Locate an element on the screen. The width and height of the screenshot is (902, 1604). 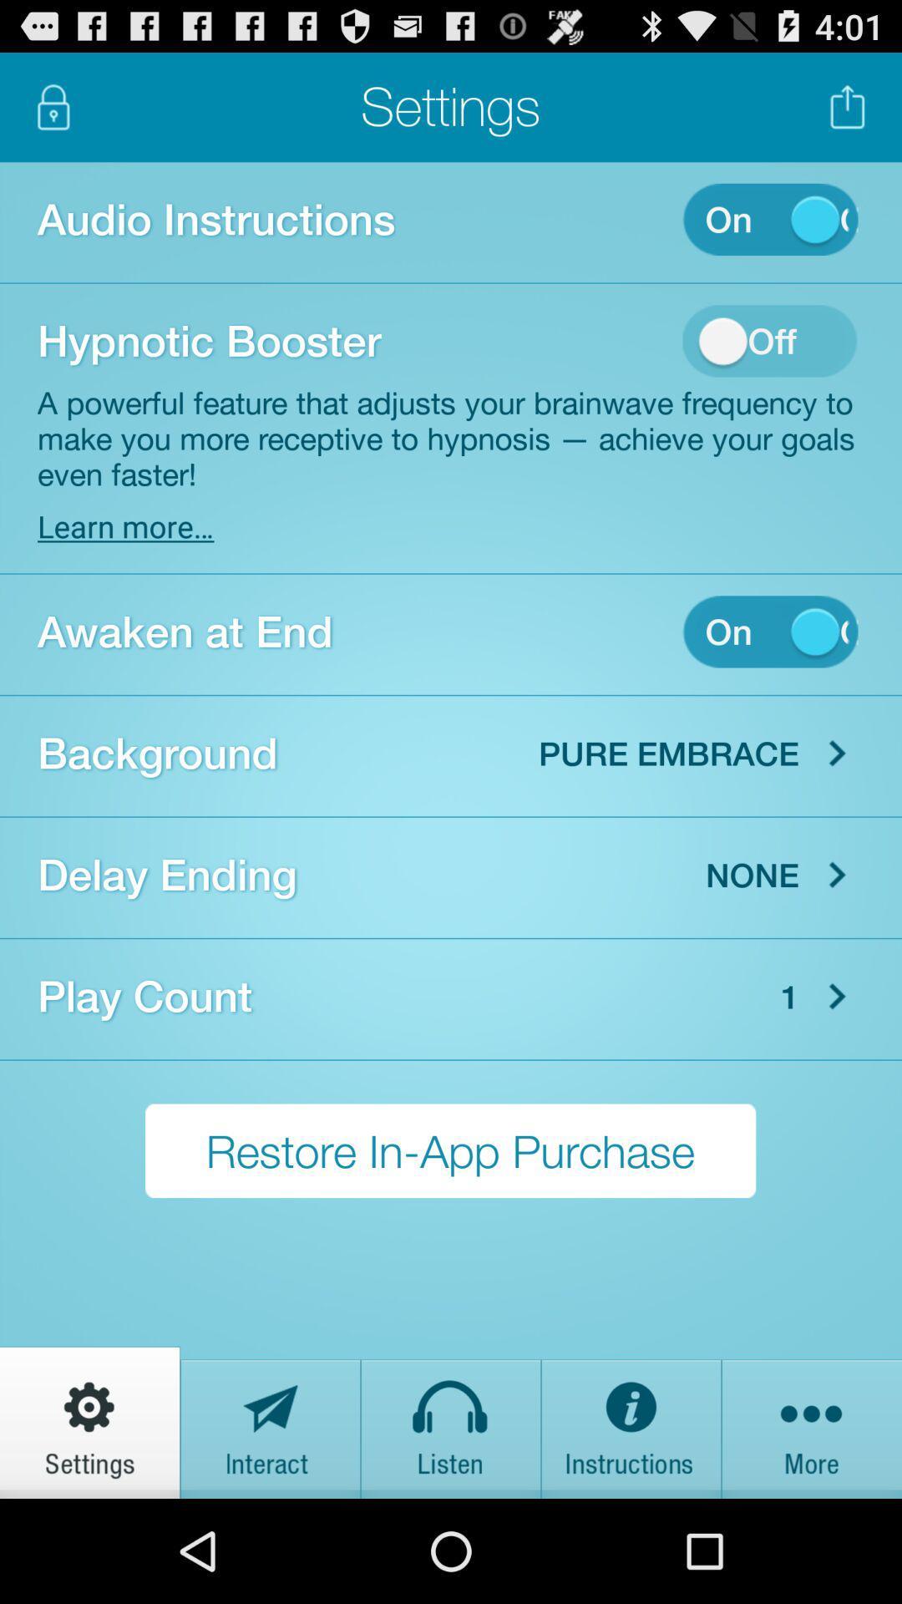
the button above more on the web page is located at coordinates (837, 997).